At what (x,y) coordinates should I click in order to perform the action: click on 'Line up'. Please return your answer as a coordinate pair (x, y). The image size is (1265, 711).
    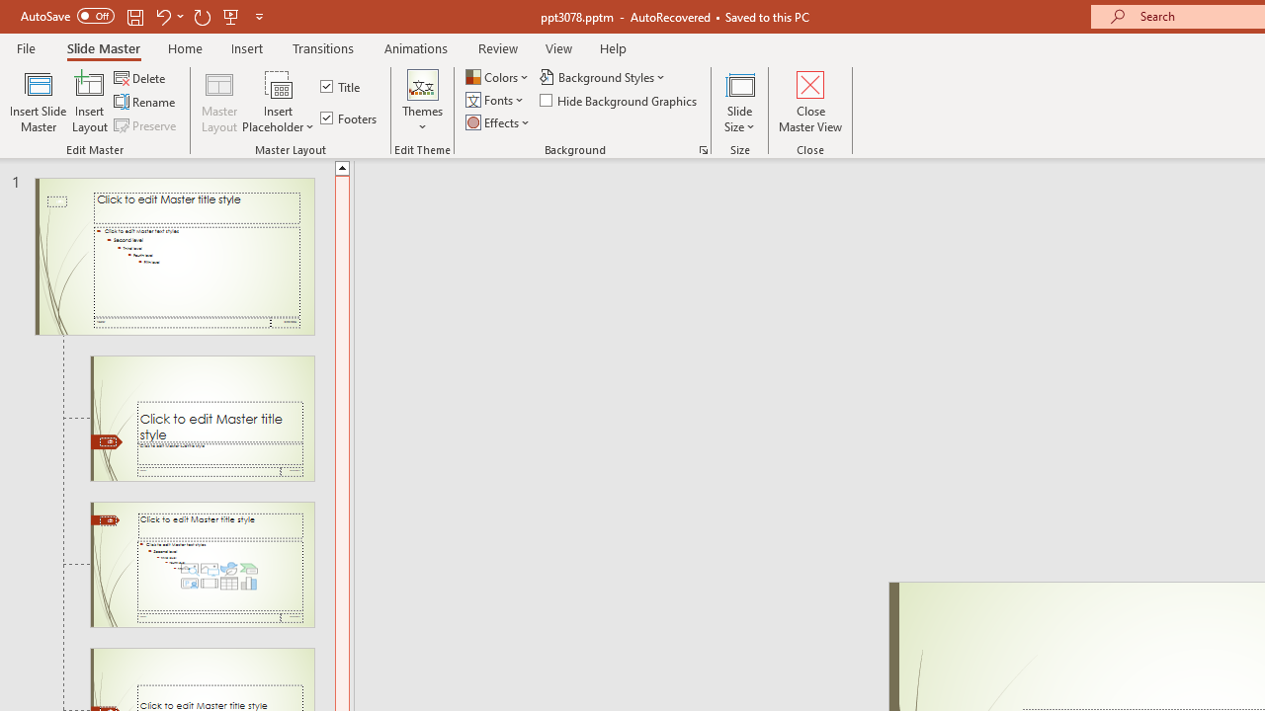
    Looking at the image, I should click on (342, 166).